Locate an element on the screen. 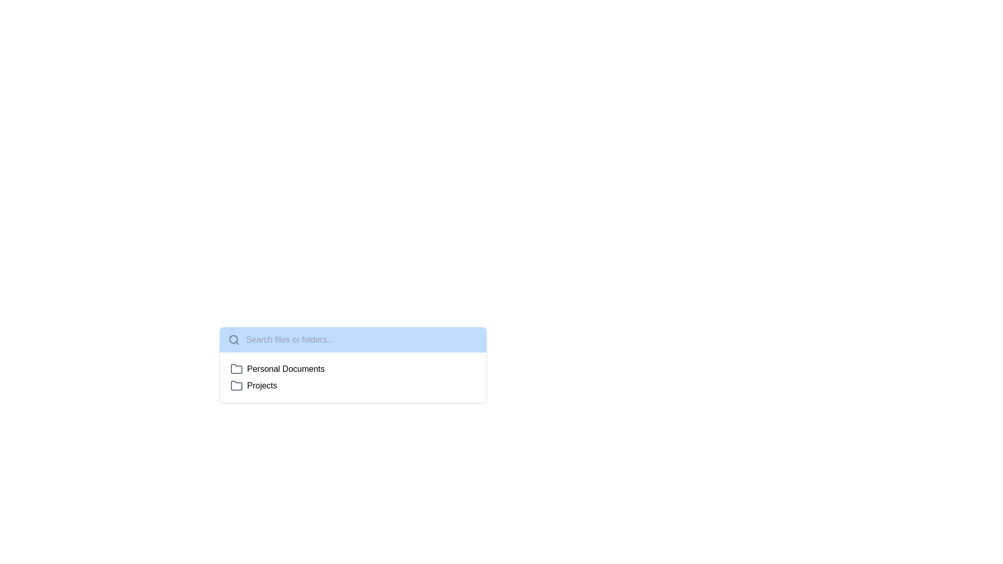 Image resolution: width=1003 pixels, height=564 pixels. the Vector graphic icon resembling a folder, which is located next to the label 'Projects' in the lower part of the file explorer interface is located at coordinates (236, 385).